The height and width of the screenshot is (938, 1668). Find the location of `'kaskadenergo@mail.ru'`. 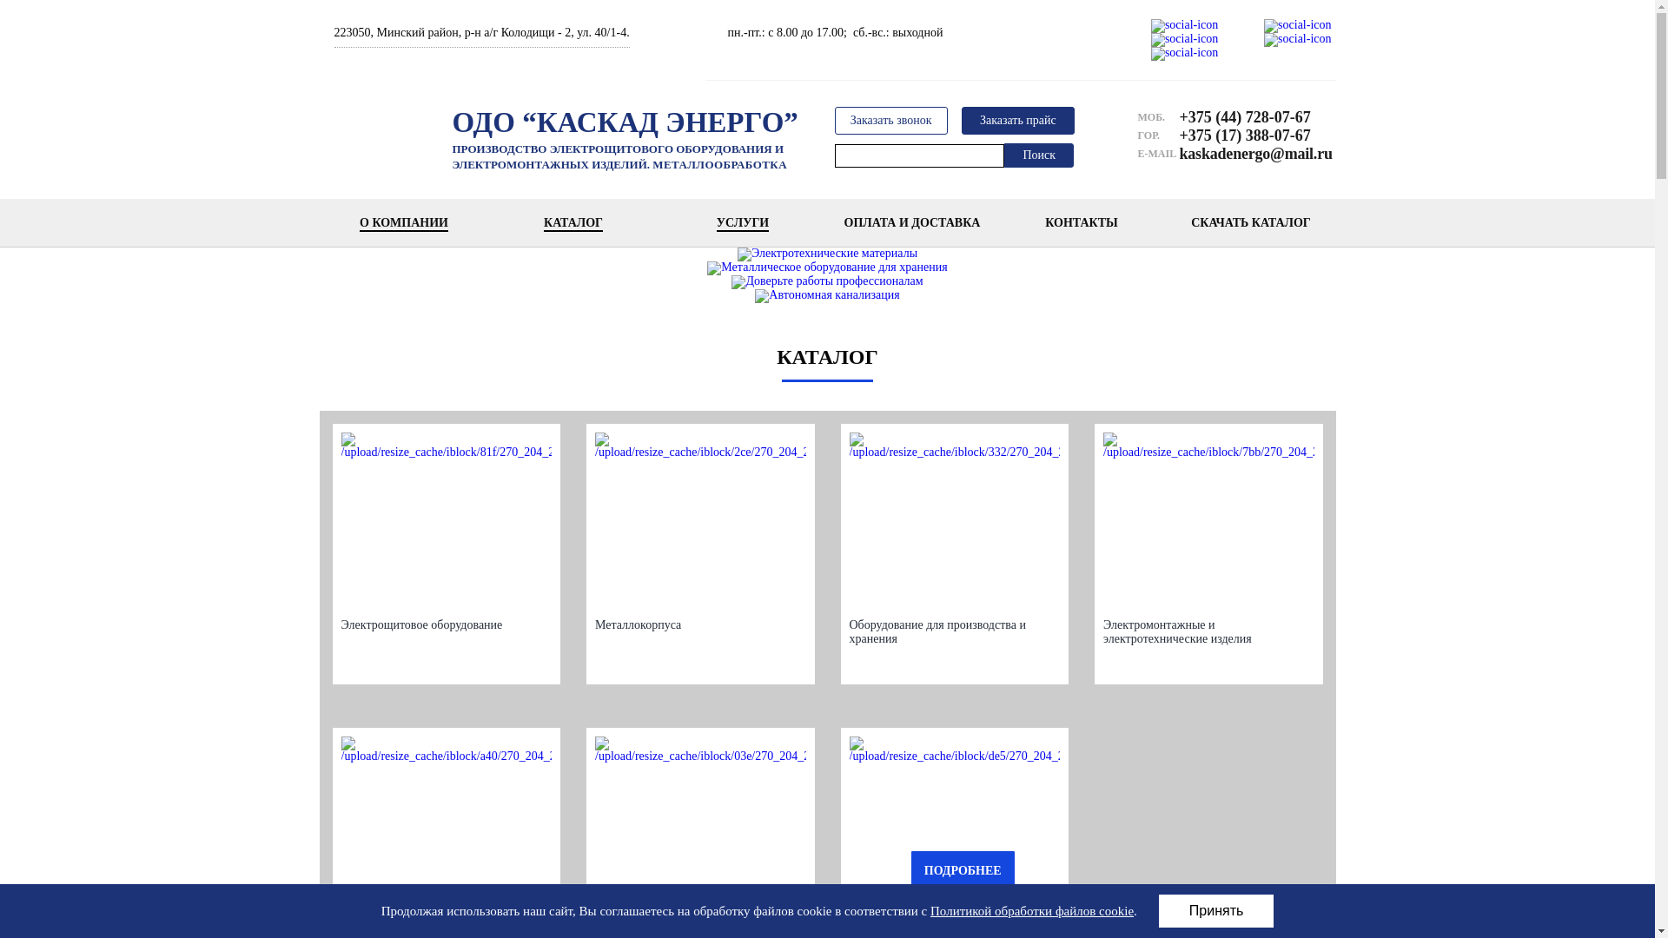

'kaskadenergo@mail.ru' is located at coordinates (1180, 153).